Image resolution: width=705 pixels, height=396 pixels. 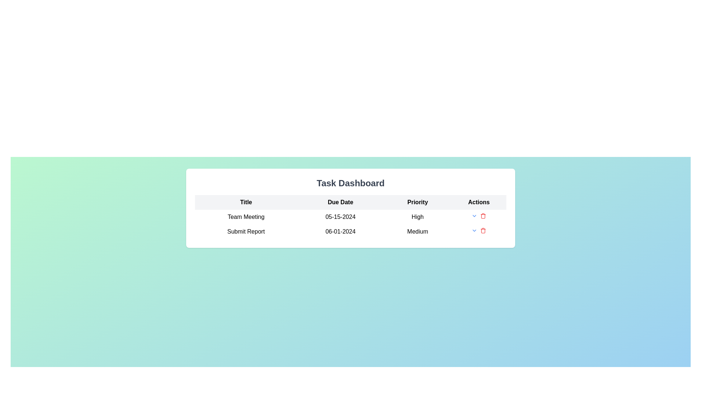 I want to click on keyboard navigation, so click(x=474, y=216).